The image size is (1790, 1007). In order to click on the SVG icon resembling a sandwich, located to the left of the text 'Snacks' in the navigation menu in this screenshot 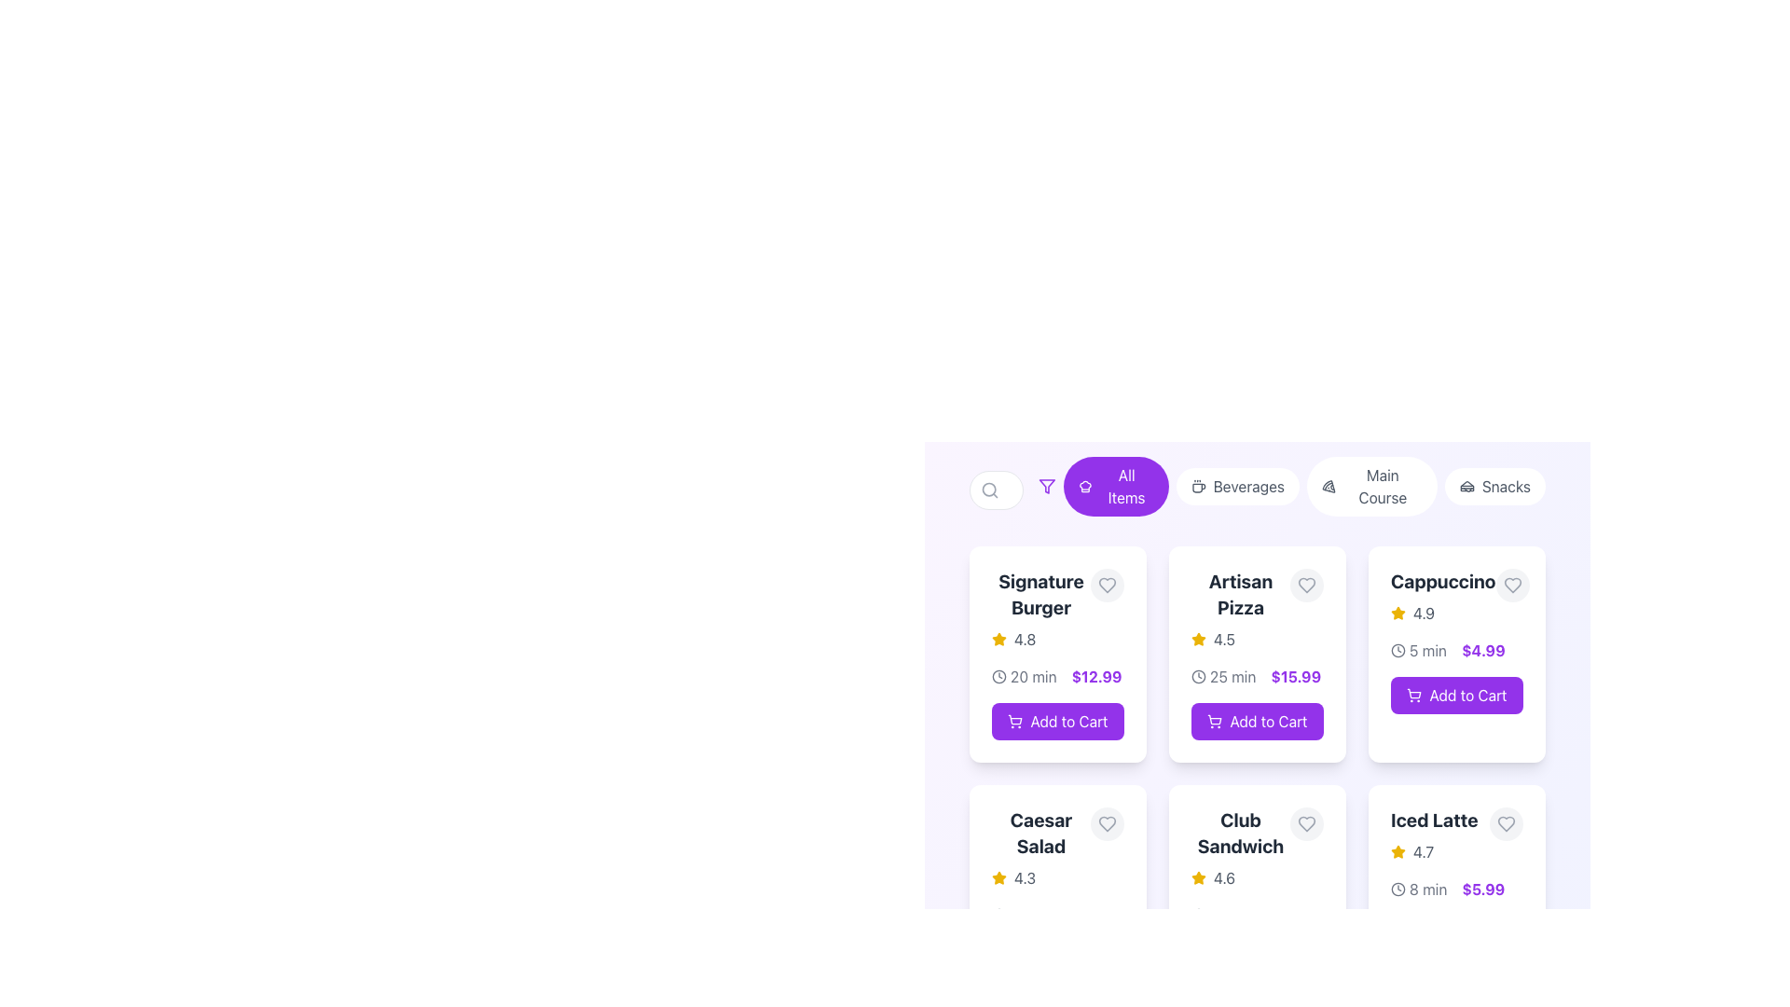, I will do `click(1466, 485)`.